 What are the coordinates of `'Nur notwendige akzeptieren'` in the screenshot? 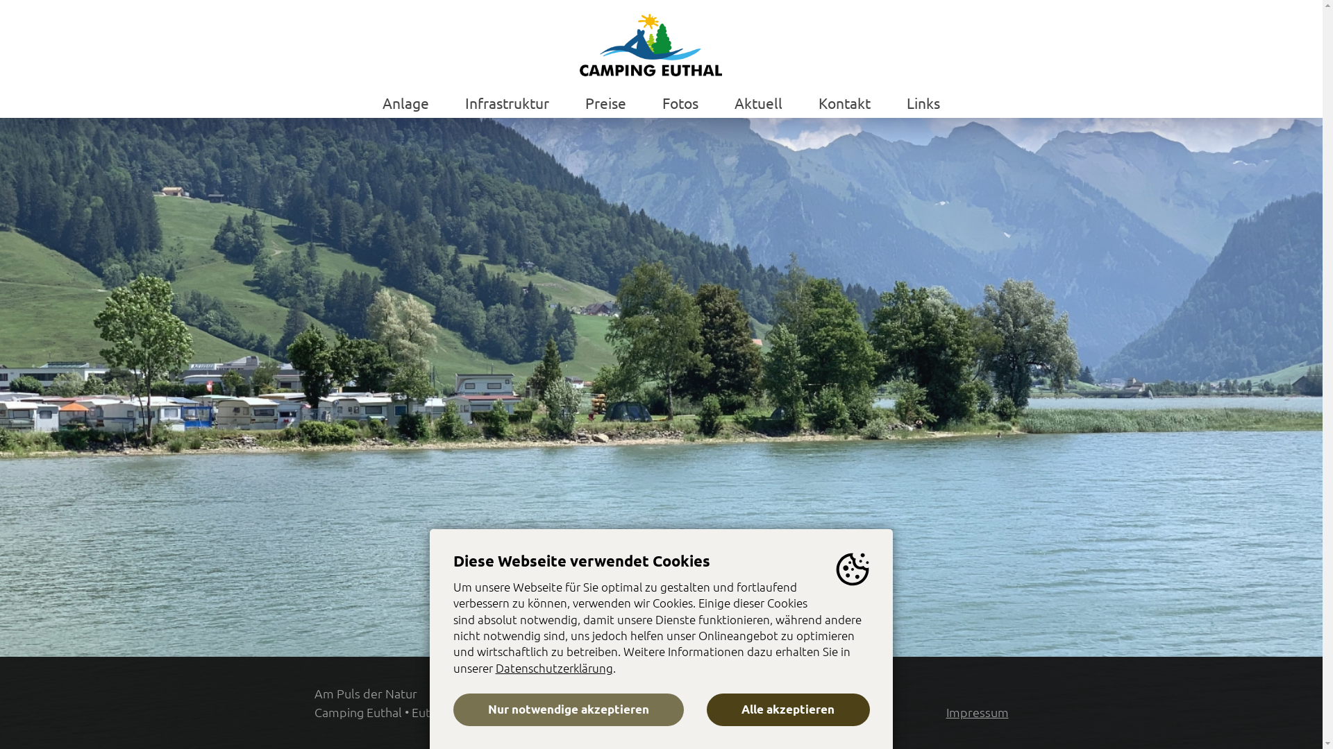 It's located at (453, 709).